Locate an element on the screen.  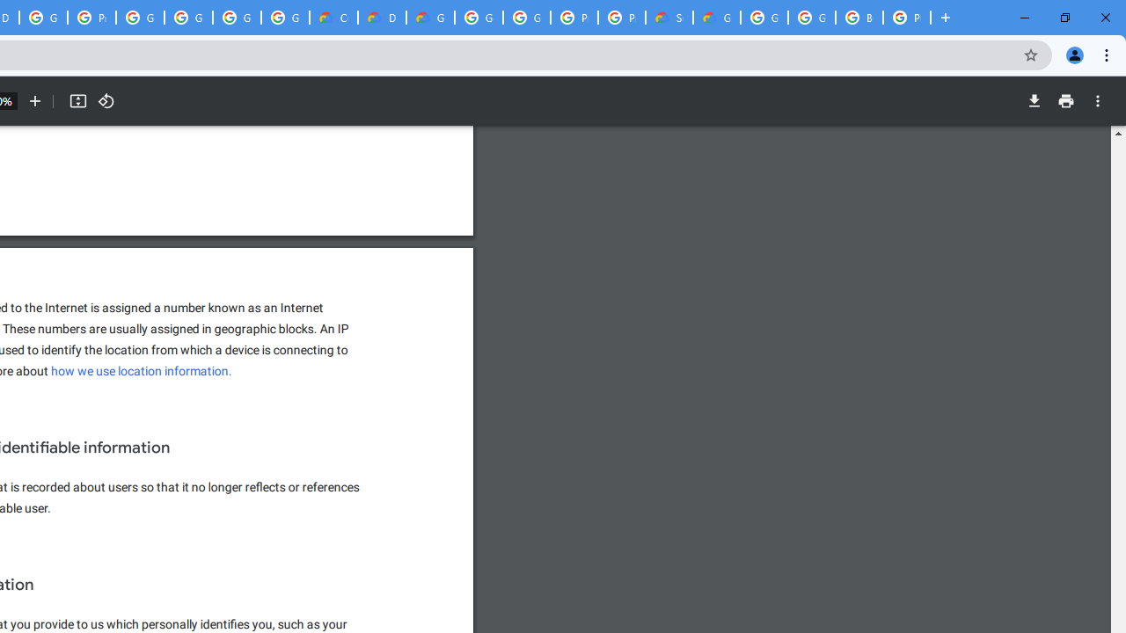
'Customer Care | Google Cloud' is located at coordinates (333, 18).